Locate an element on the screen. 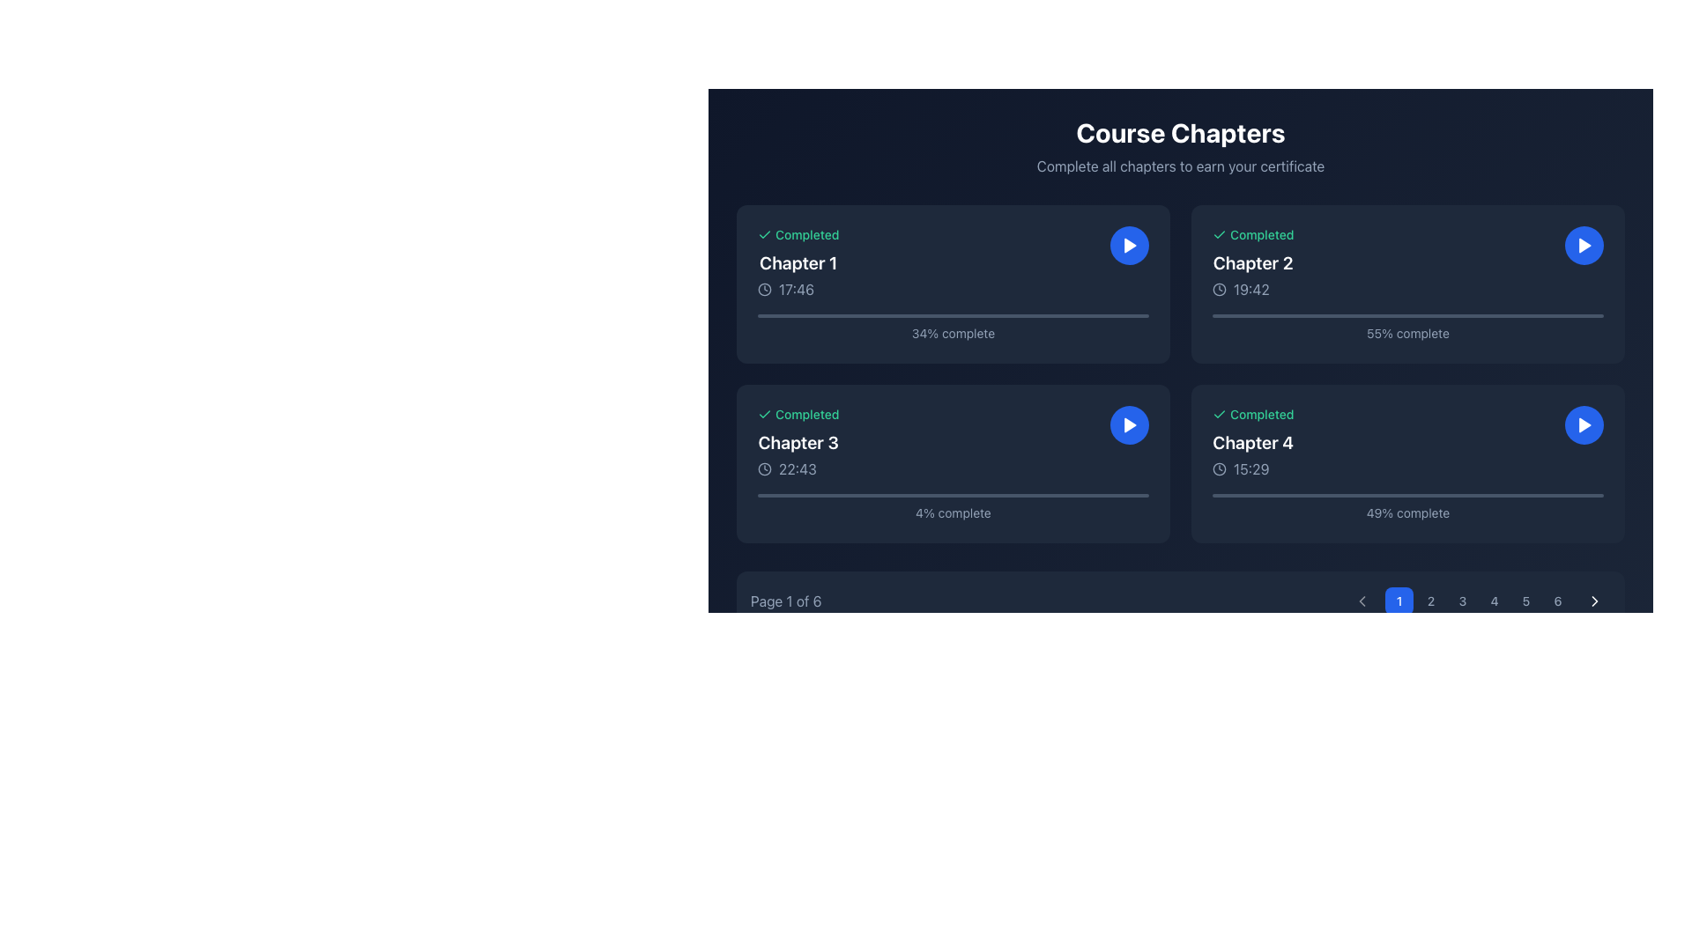 The width and height of the screenshot is (1692, 951). the circular blue button with a white play icon located at the top-right corner of the 'Chapter 2' card to play the associated content is located at coordinates (1584, 245).